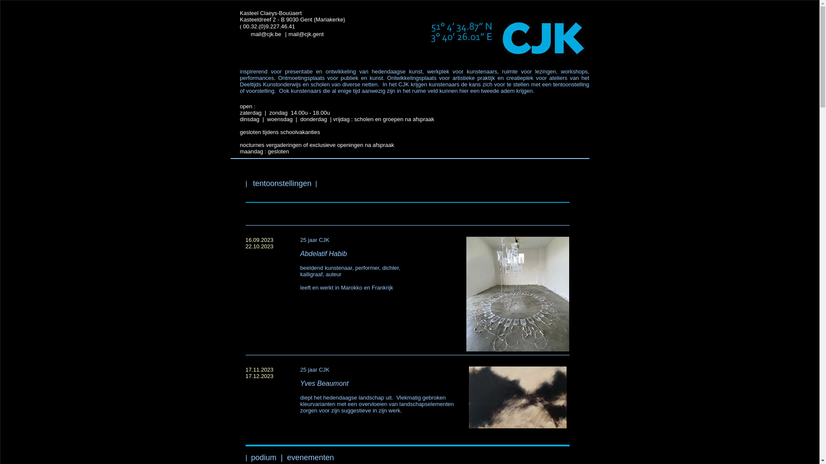  I want to click on 'mail@cjk.gent', so click(306, 33).